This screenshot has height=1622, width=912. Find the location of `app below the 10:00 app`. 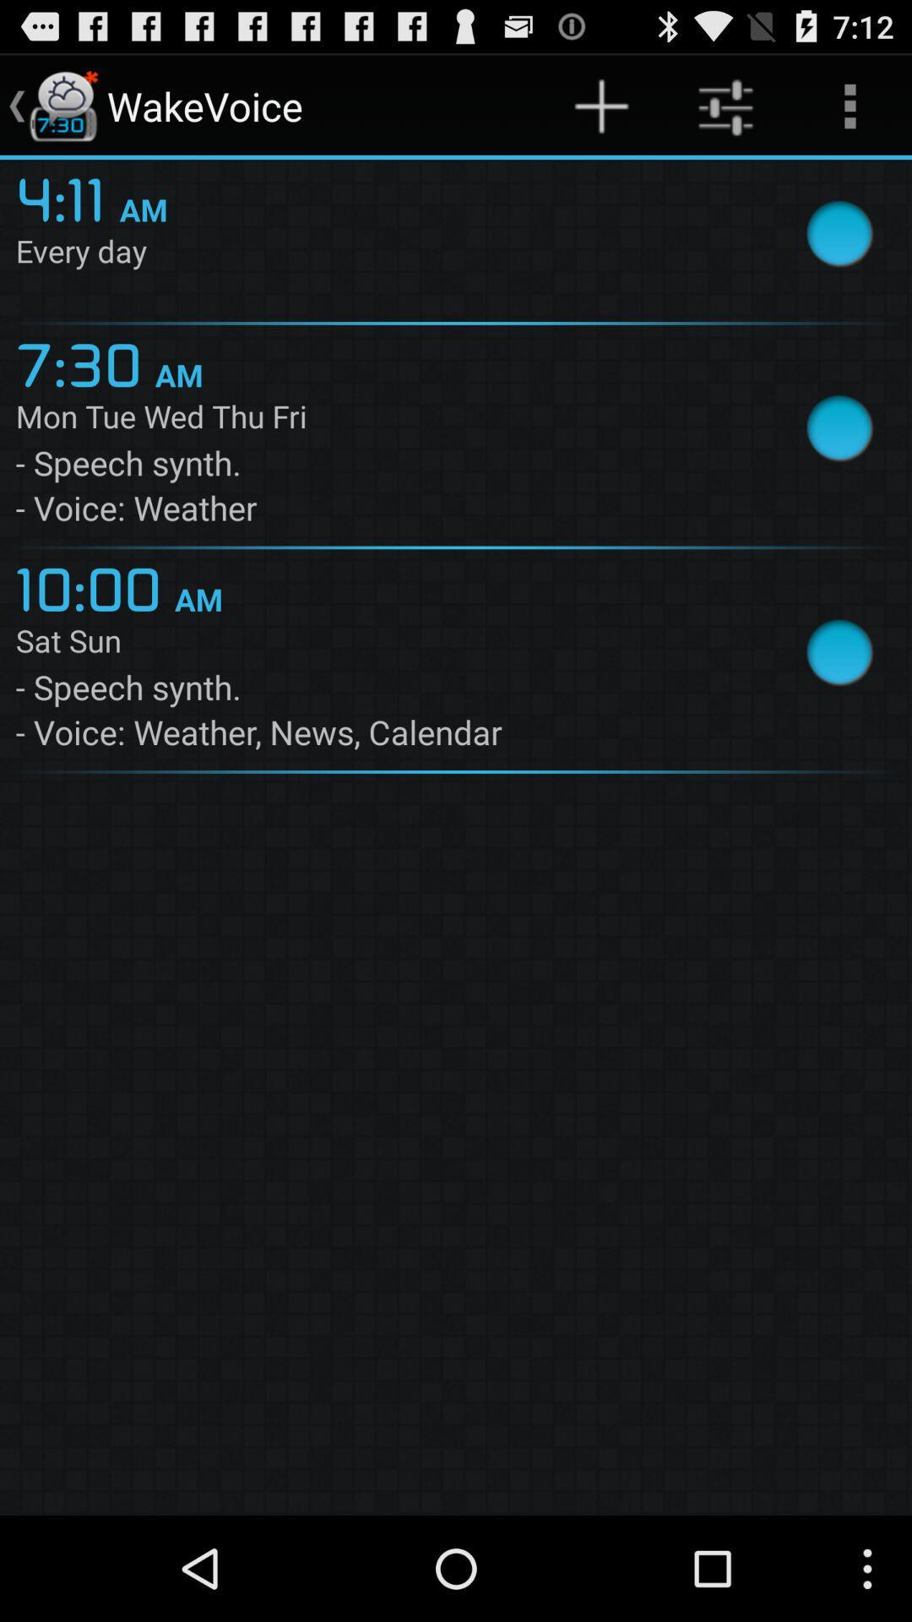

app below the 10:00 app is located at coordinates (383, 643).